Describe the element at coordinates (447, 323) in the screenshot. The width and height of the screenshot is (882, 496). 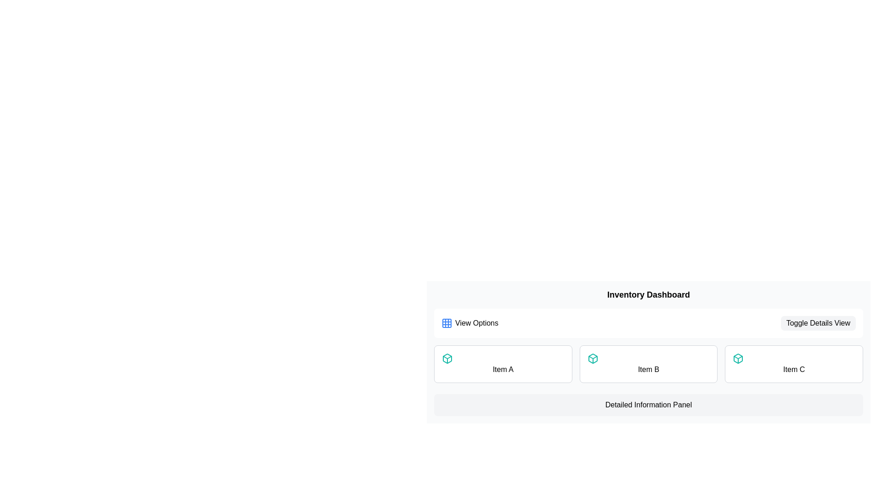
I see `the grid-like icon with a 3x3 arrangement of blue squares and rounded corners, located in the top-left corner of the 'View Options' label` at that location.